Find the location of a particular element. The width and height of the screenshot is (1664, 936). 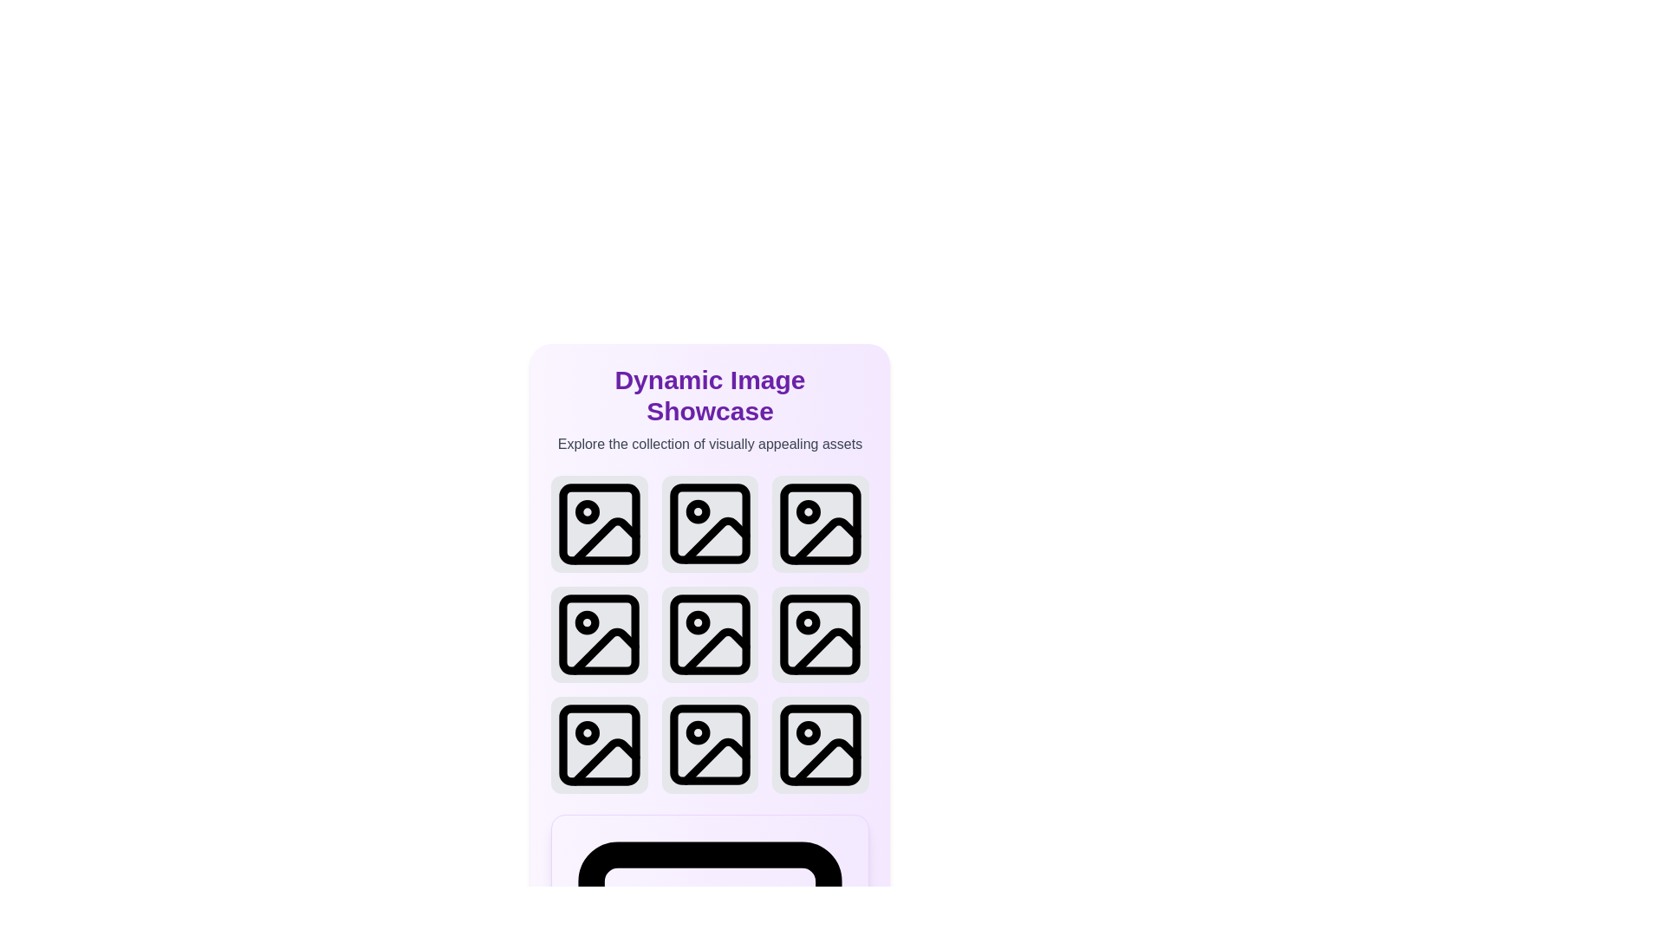

content or associated metadata of the clickable grid tile located in the first row and third column of the grid layout, just below the title 'Dynamic Image Showcase' is located at coordinates (819, 523).